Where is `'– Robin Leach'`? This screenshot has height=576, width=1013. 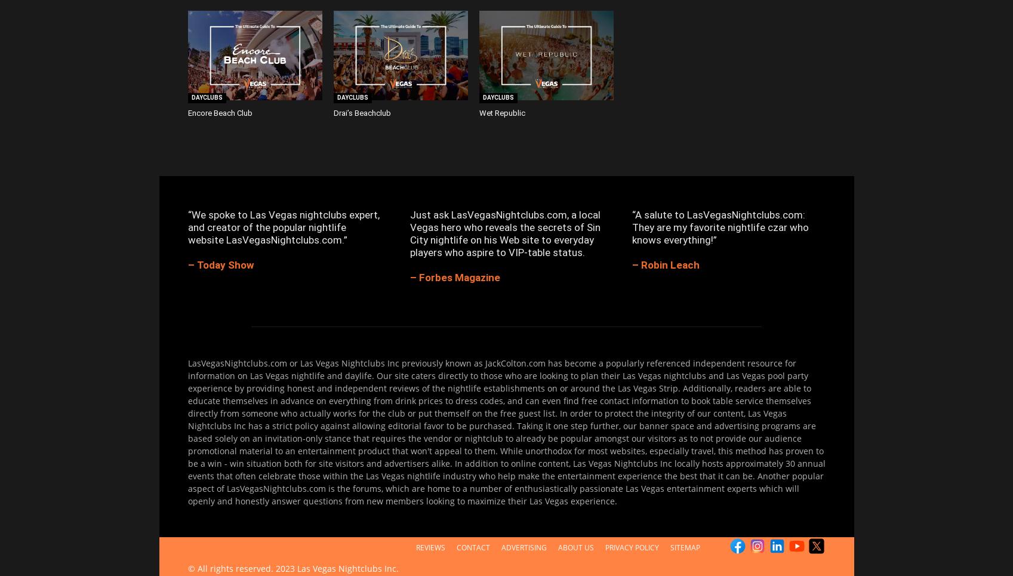 '– Robin Leach' is located at coordinates (665, 264).